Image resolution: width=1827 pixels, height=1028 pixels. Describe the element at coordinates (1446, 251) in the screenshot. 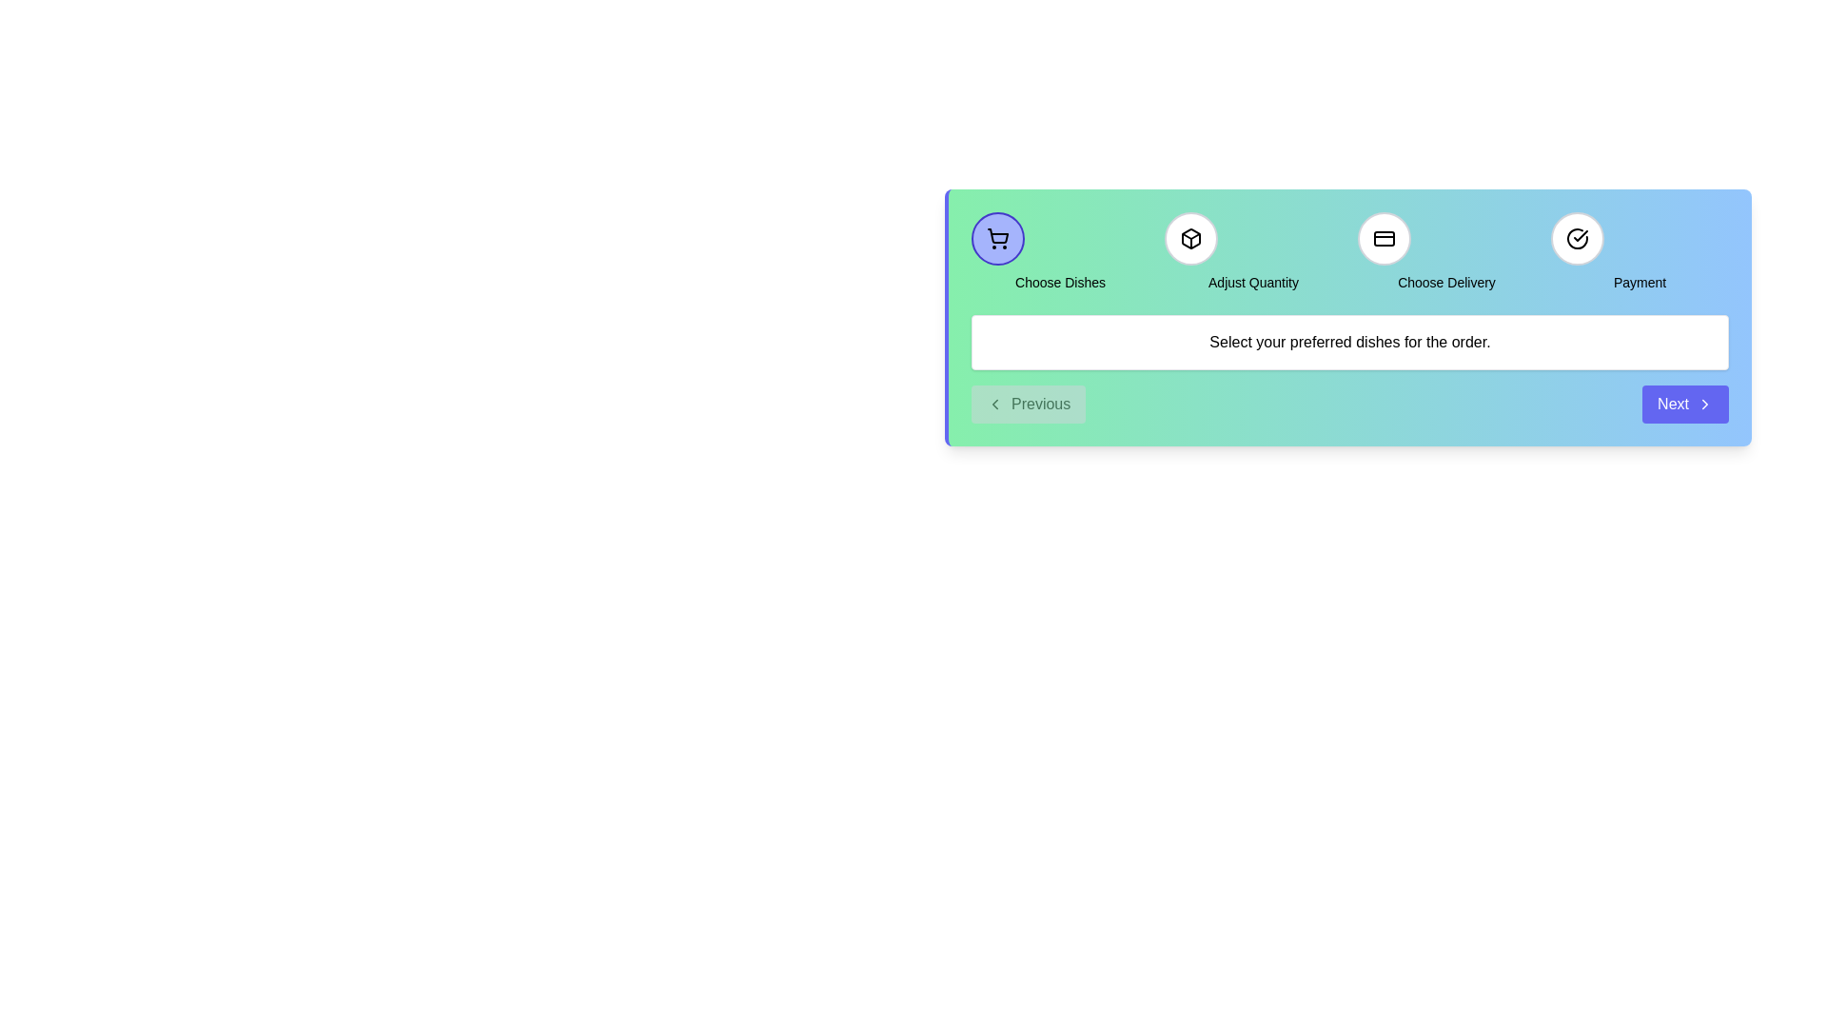

I see `the circular glyph labeled 'Choose Delivery' that is the third in a row of four step indicators, immediately to the right of 'Adjust Quantity' and left of 'Payment'` at that location.